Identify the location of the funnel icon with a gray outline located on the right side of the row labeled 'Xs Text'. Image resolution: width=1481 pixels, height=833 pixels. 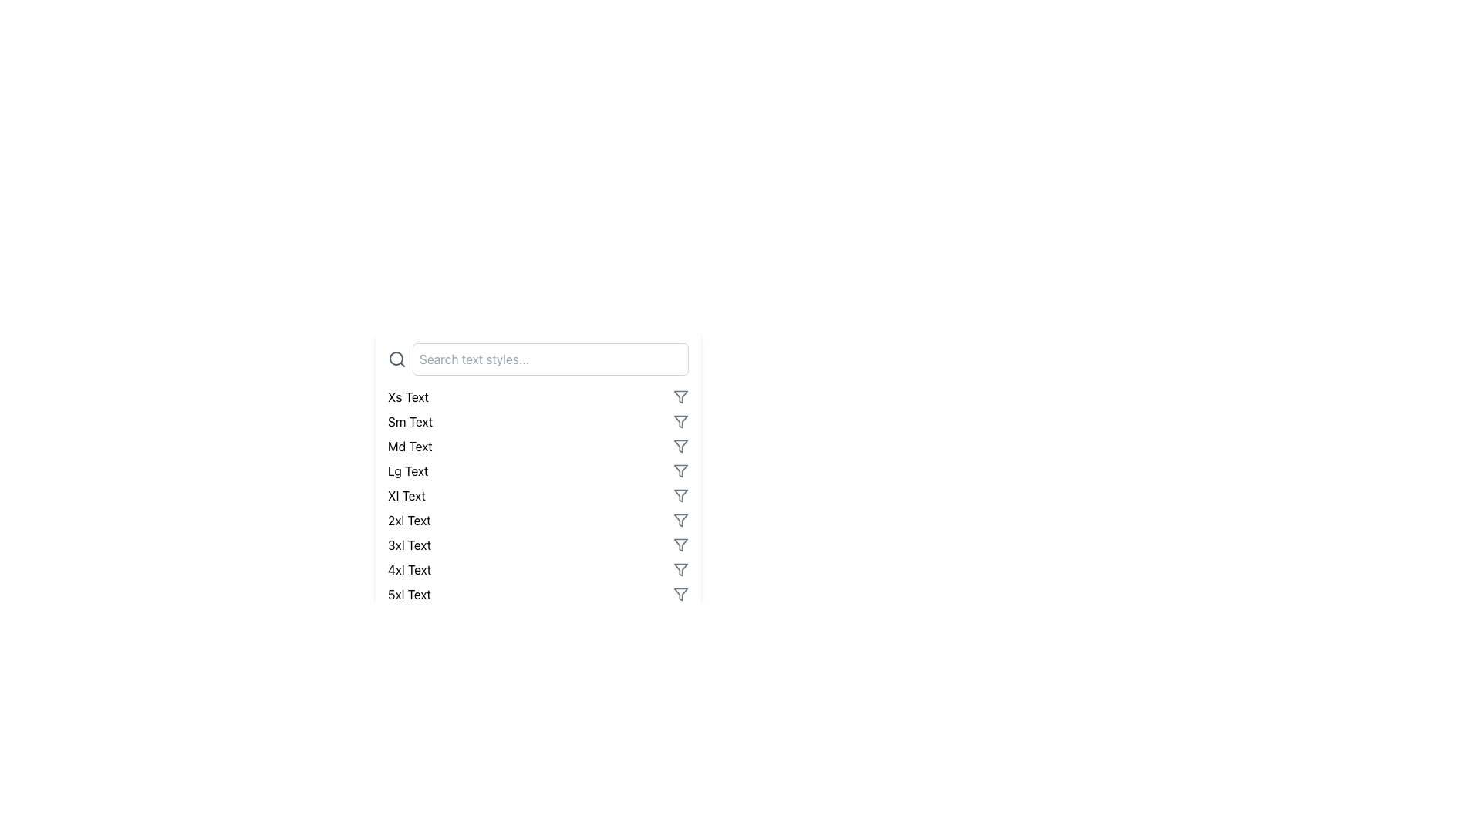
(680, 396).